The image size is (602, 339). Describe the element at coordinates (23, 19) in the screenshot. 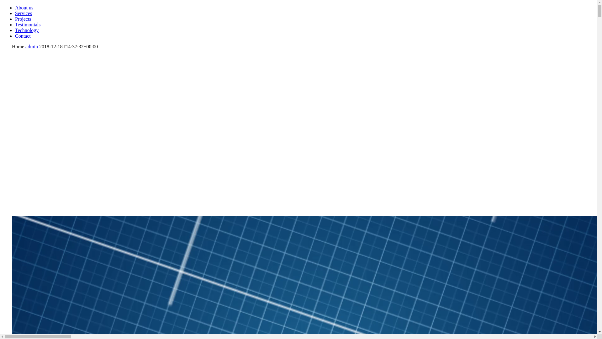

I see `'Projects'` at that location.